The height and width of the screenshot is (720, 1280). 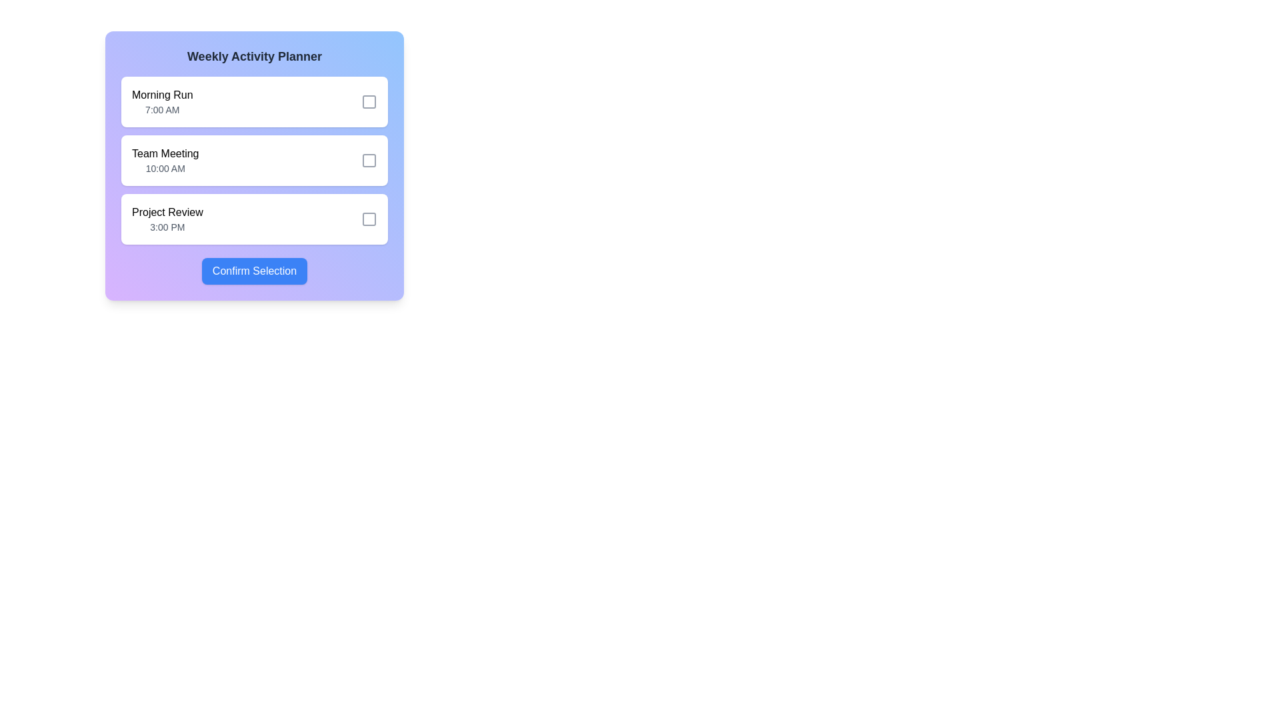 What do you see at coordinates (161, 94) in the screenshot?
I see `the label indicating the title of a scheduled activity in the 'Weekly Activity Planner' section` at bounding box center [161, 94].